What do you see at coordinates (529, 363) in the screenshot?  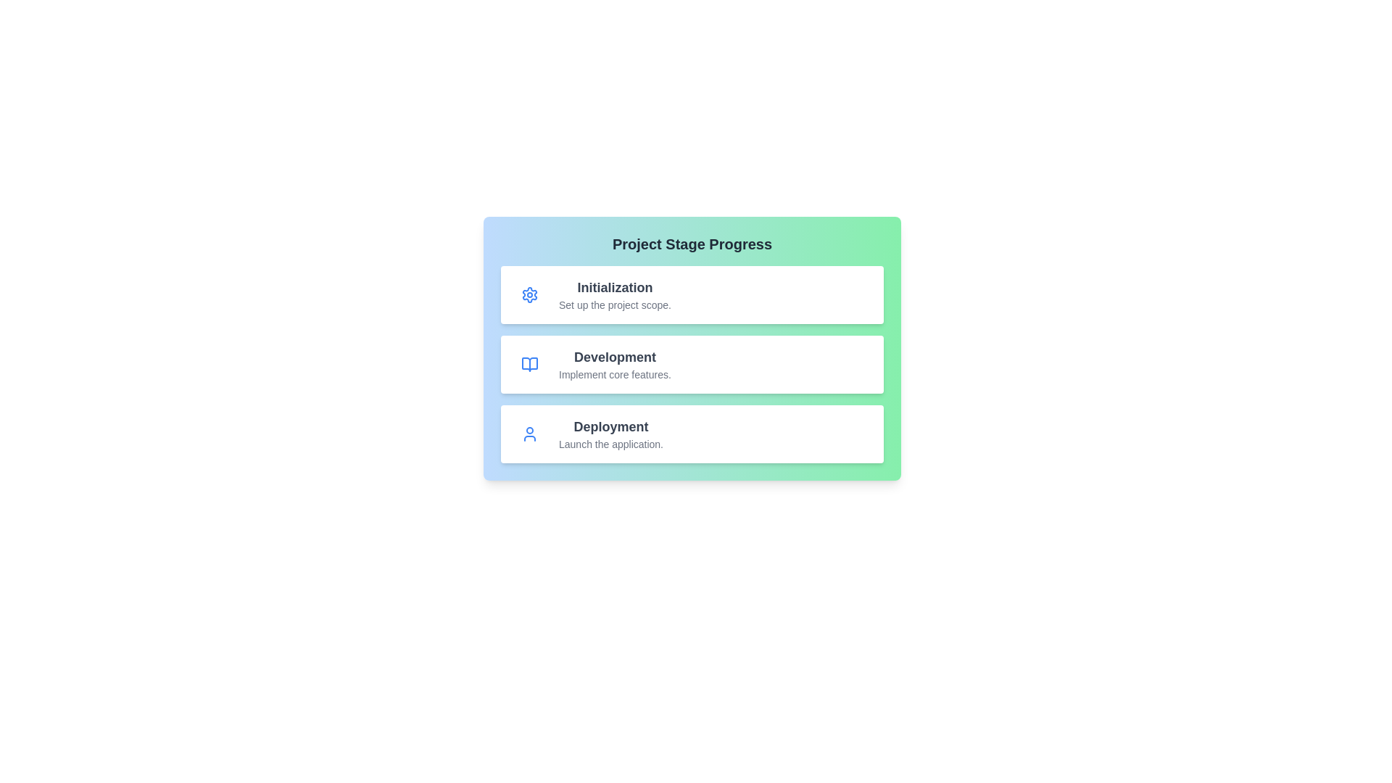 I see `the blue square button with an open book icon located in the 'Development' section, adjacent to the label text 'Development' and 'Implement core features.'` at bounding box center [529, 363].